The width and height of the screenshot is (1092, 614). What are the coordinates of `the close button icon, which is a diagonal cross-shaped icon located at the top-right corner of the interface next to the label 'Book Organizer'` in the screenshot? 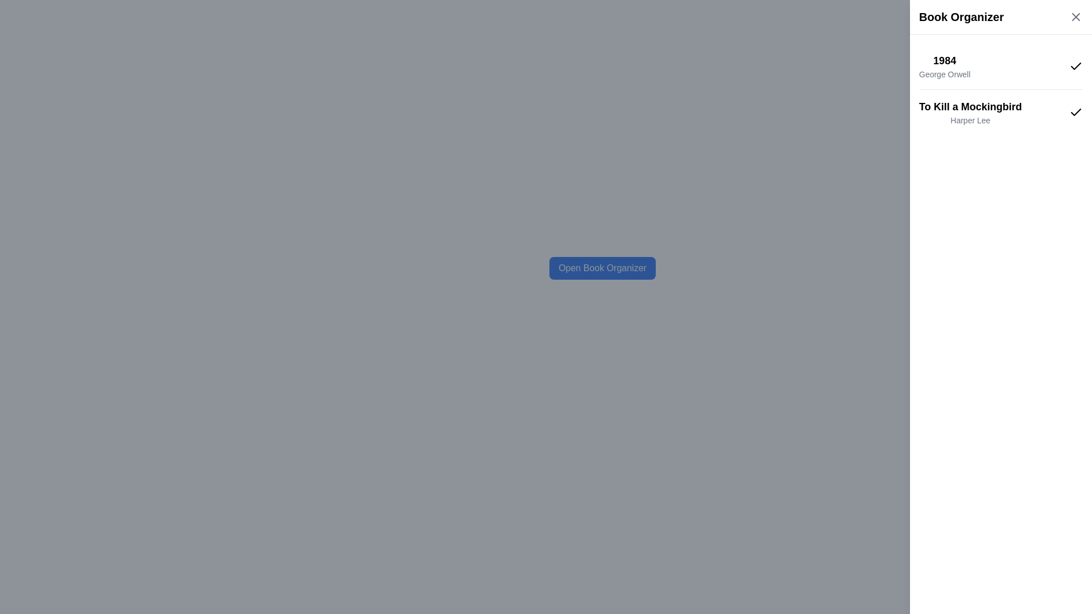 It's located at (1075, 17).